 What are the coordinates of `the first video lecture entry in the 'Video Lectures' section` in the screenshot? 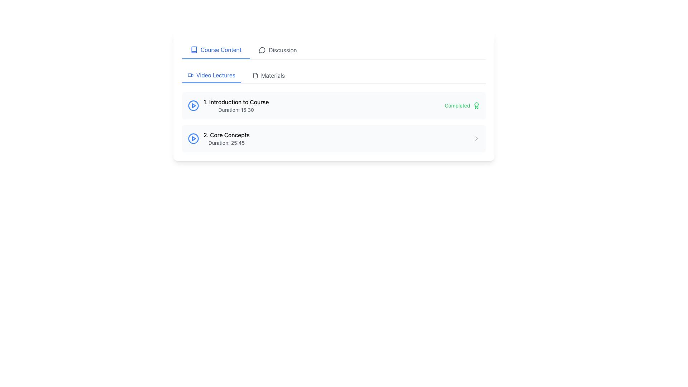 It's located at (236, 105).